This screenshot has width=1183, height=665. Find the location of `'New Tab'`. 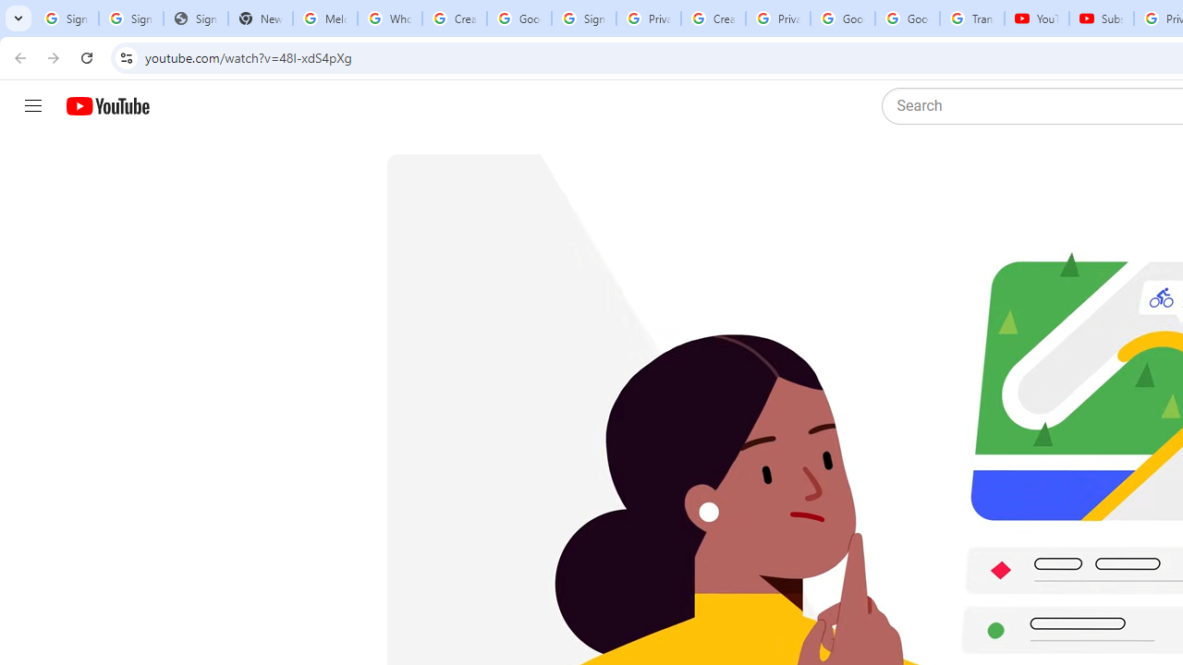

'New Tab' is located at coordinates (260, 18).